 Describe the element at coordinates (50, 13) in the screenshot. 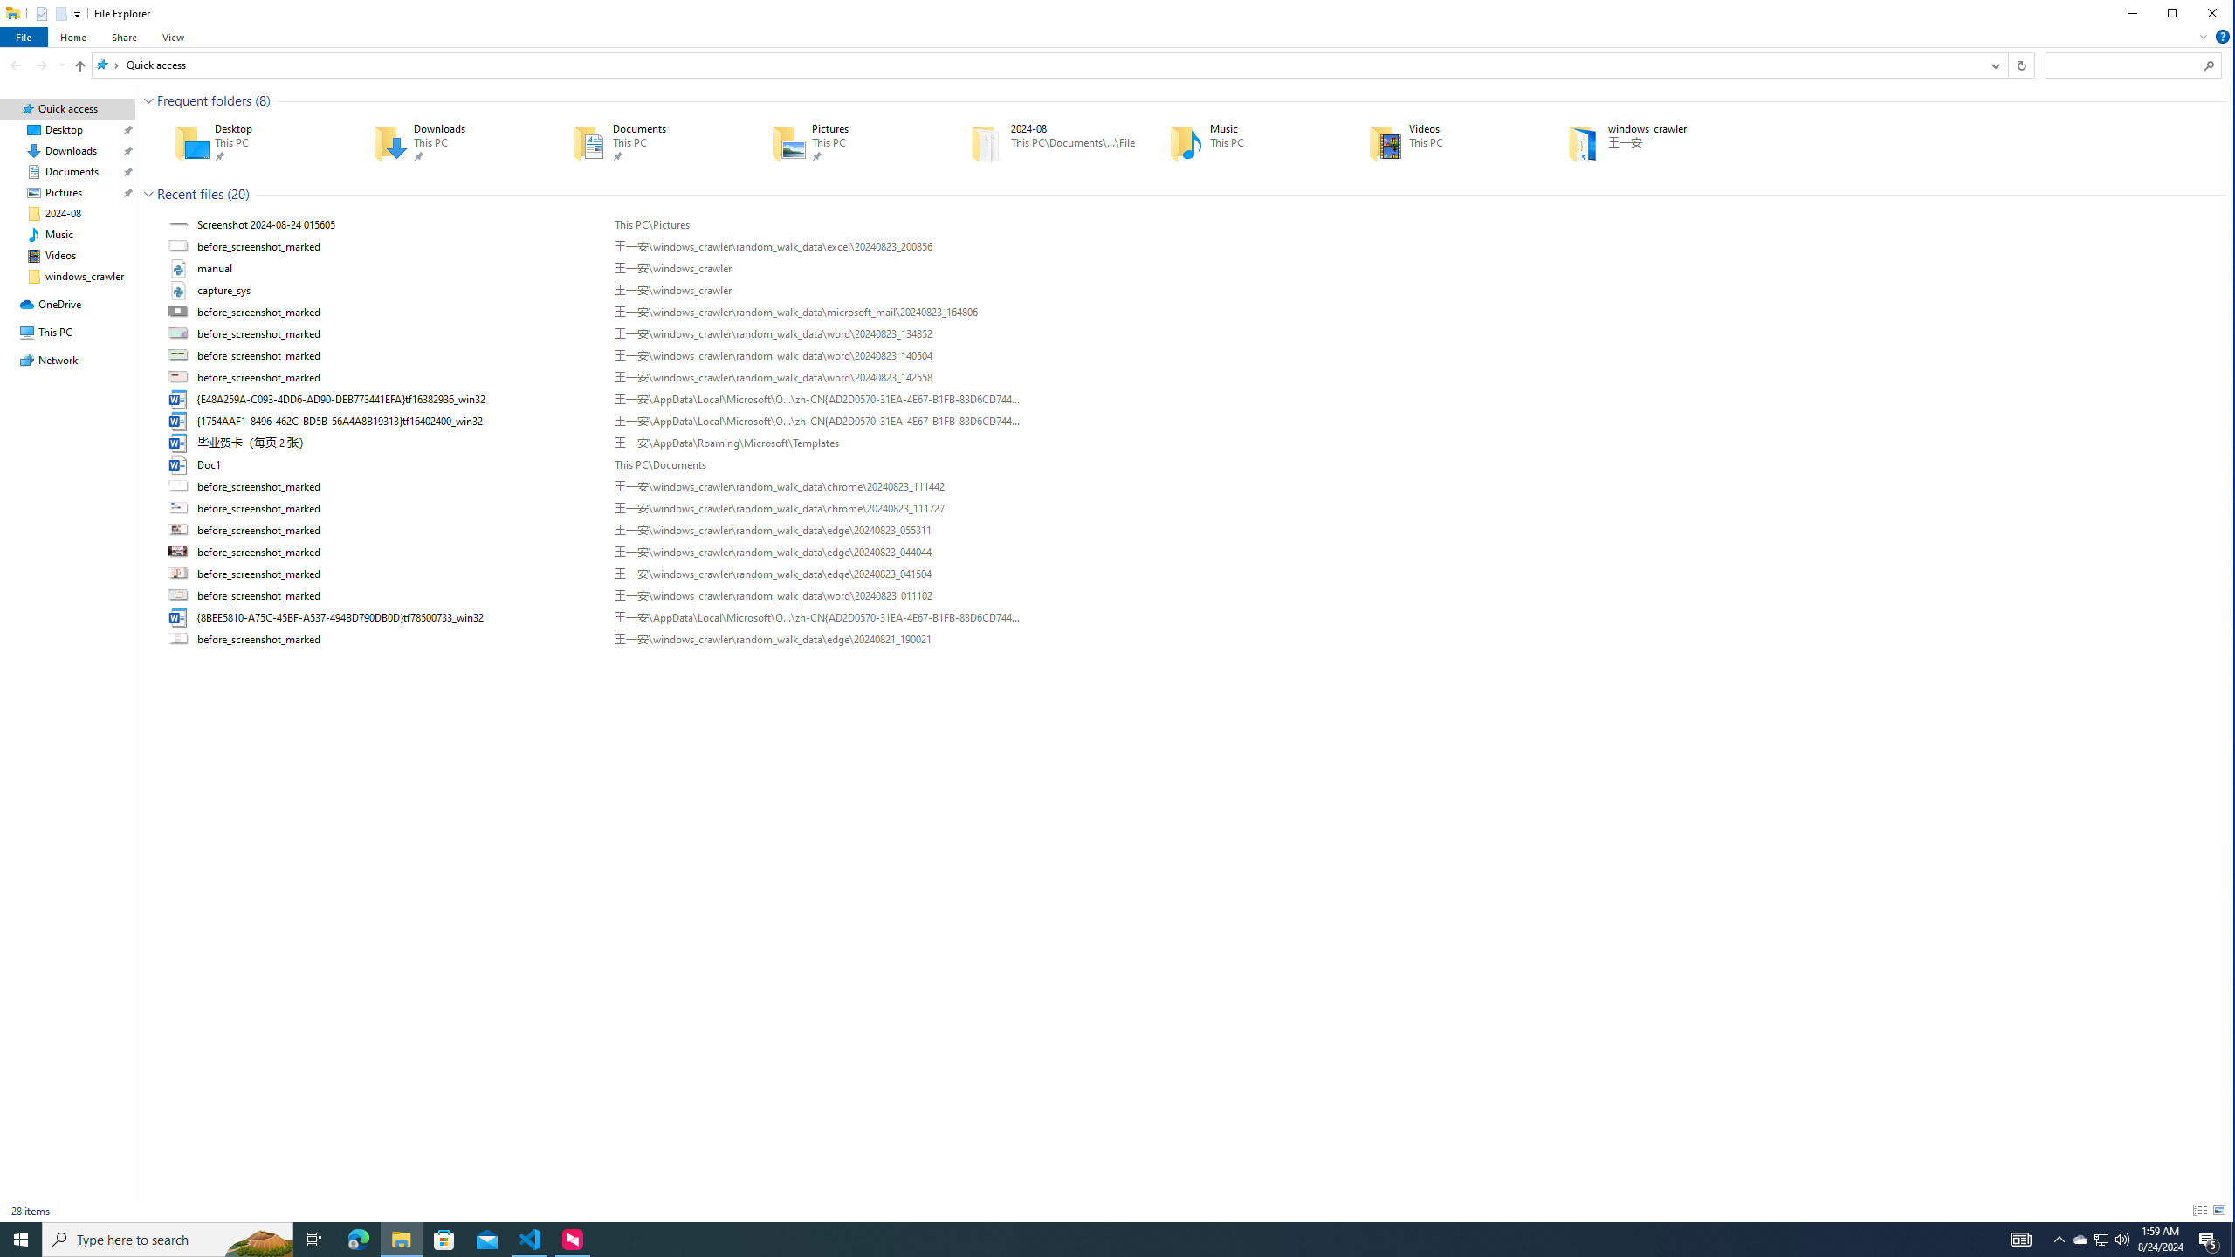

I see `'Quick Access Toolbar'` at that location.